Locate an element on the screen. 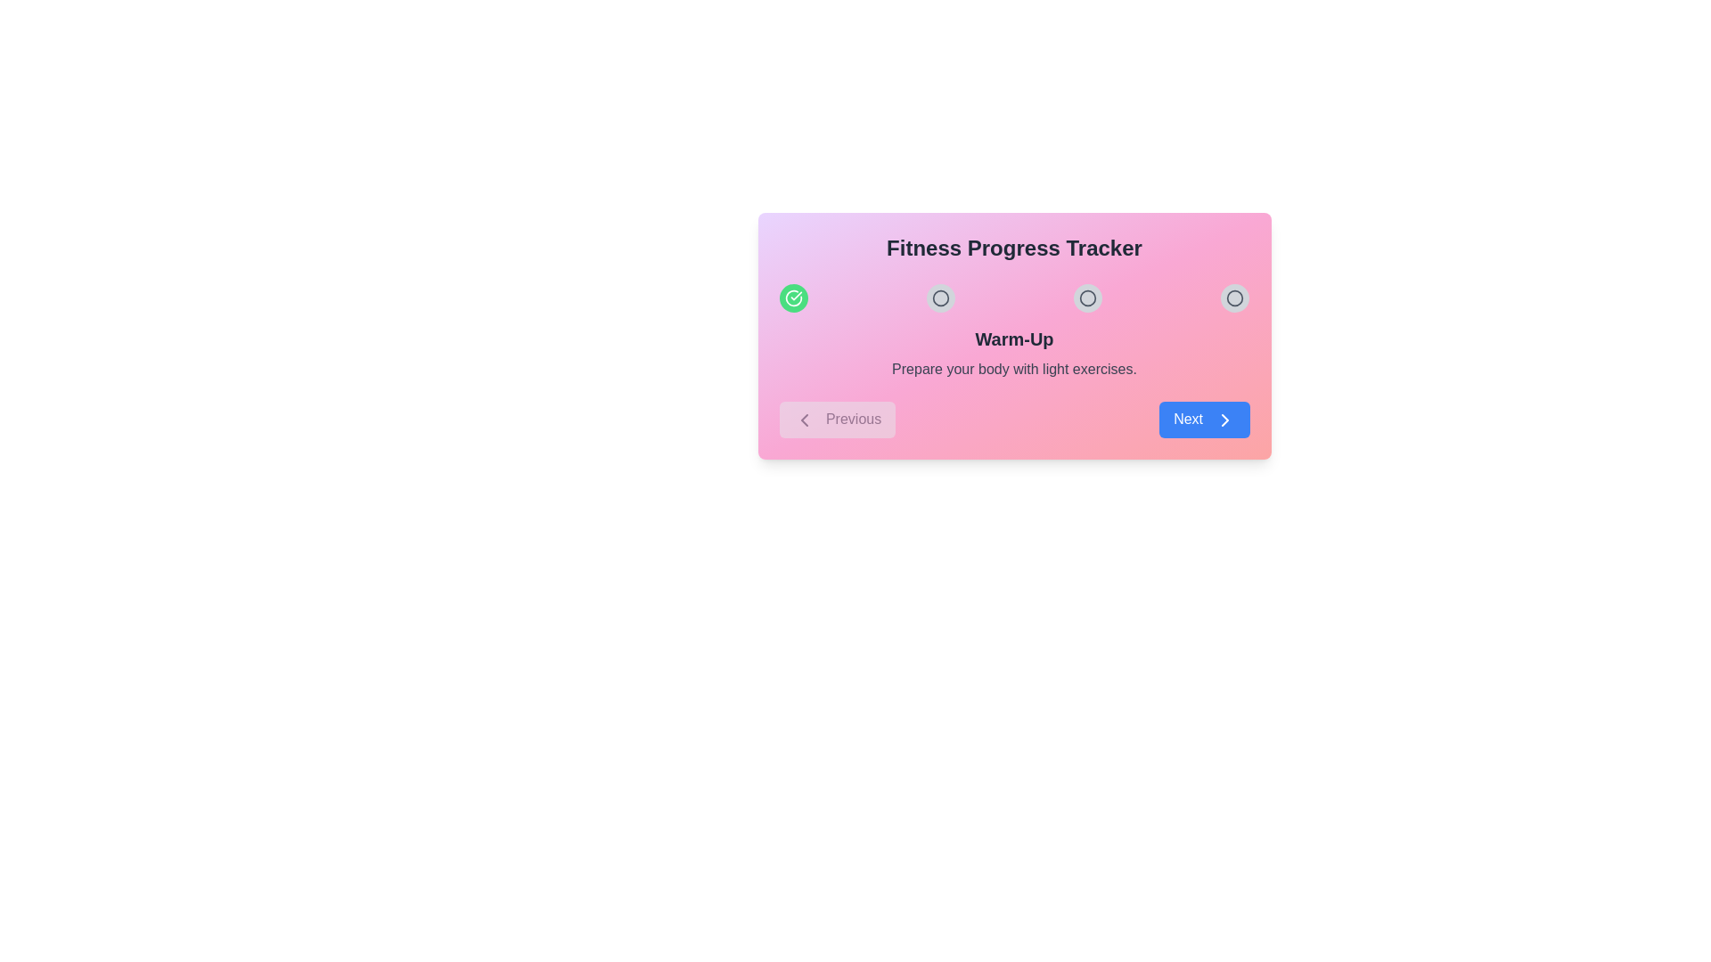 This screenshot has width=1711, height=962. the second circular progress indicator, which is a simple circular shape with a light gray border and a solid white interior, located in the fitness tracker interface on a pink gradient background is located at coordinates (1087, 298).